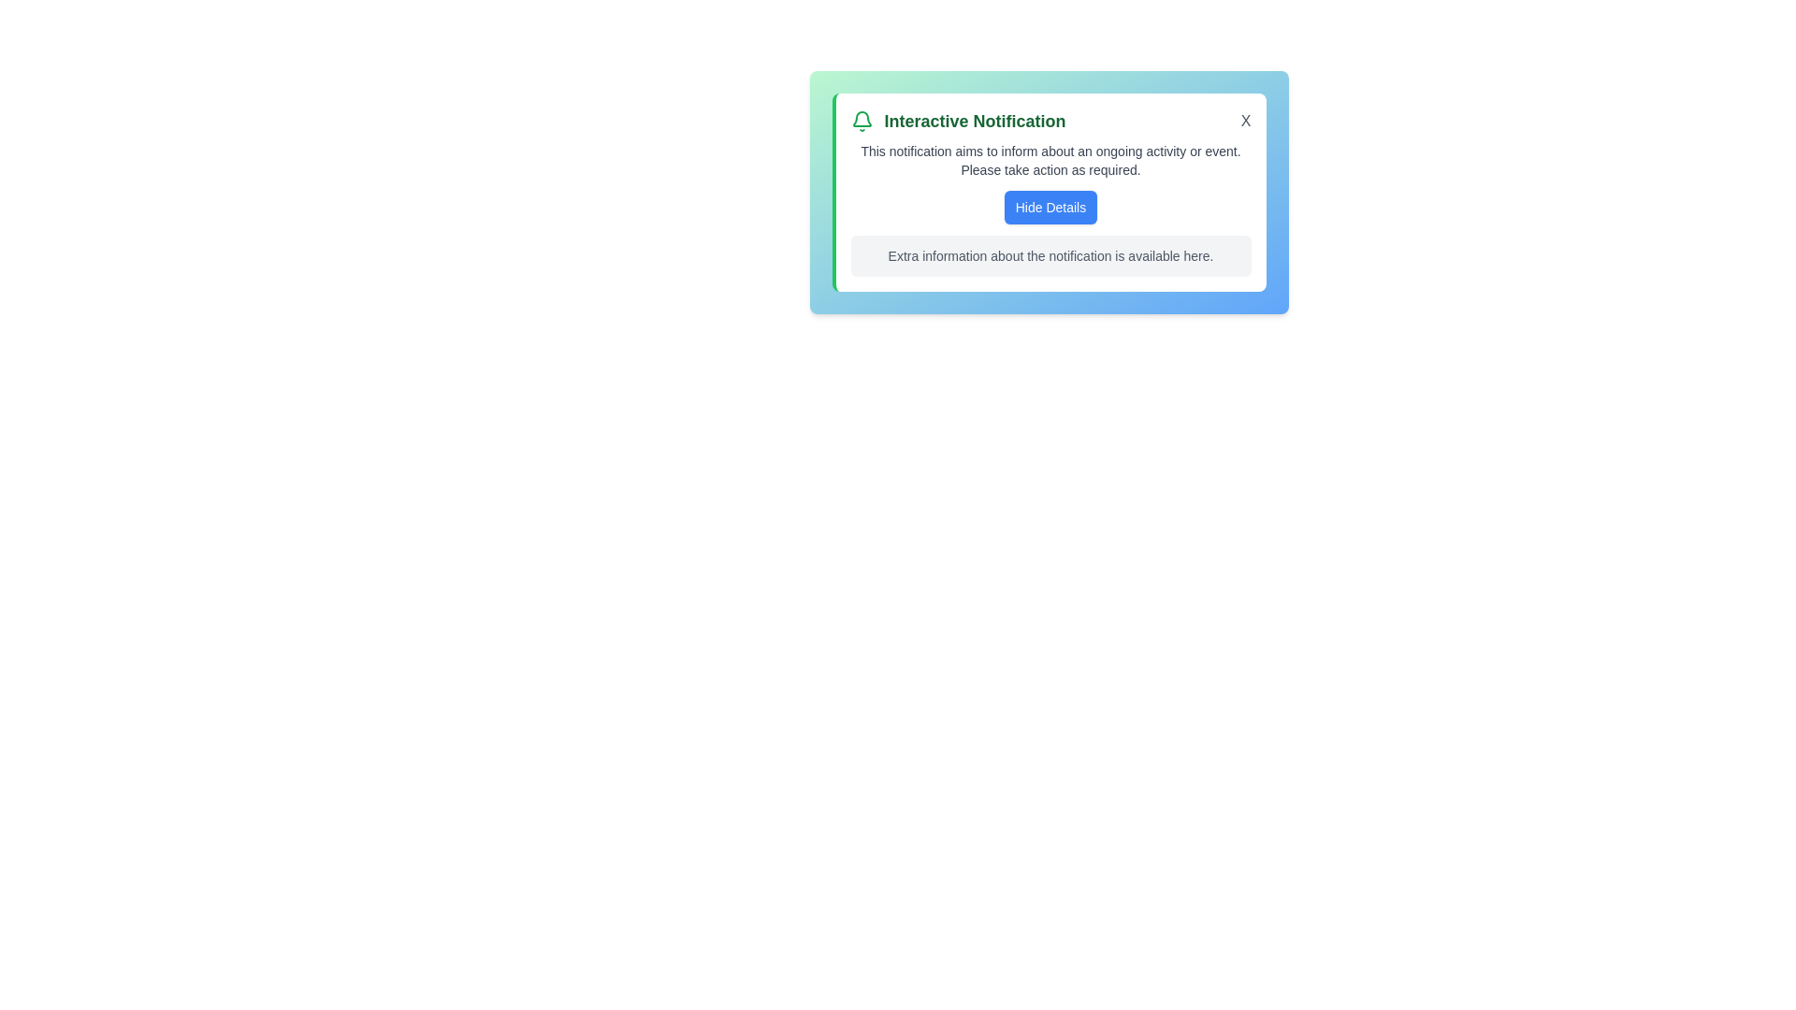 The height and width of the screenshot is (1010, 1796). Describe the element at coordinates (1245, 122) in the screenshot. I see `'X' button to dismiss the notification` at that location.